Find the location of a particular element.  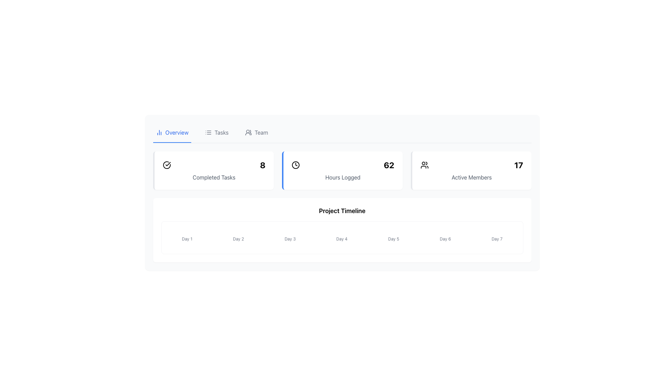

the text label displaying 'Day 3', which is styled in light gray and located beneath a vertical line marker in the Project Timeline section is located at coordinates (290, 239).